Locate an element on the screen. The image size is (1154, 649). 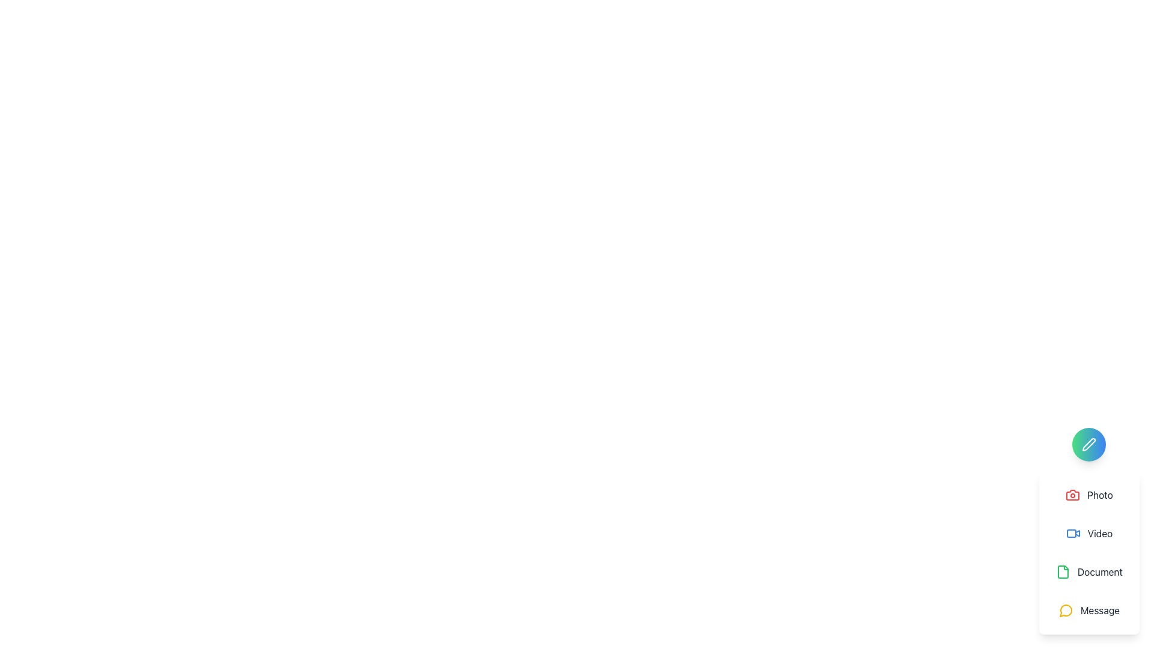
the 'Video' menu item icon is located at coordinates (1073, 532).